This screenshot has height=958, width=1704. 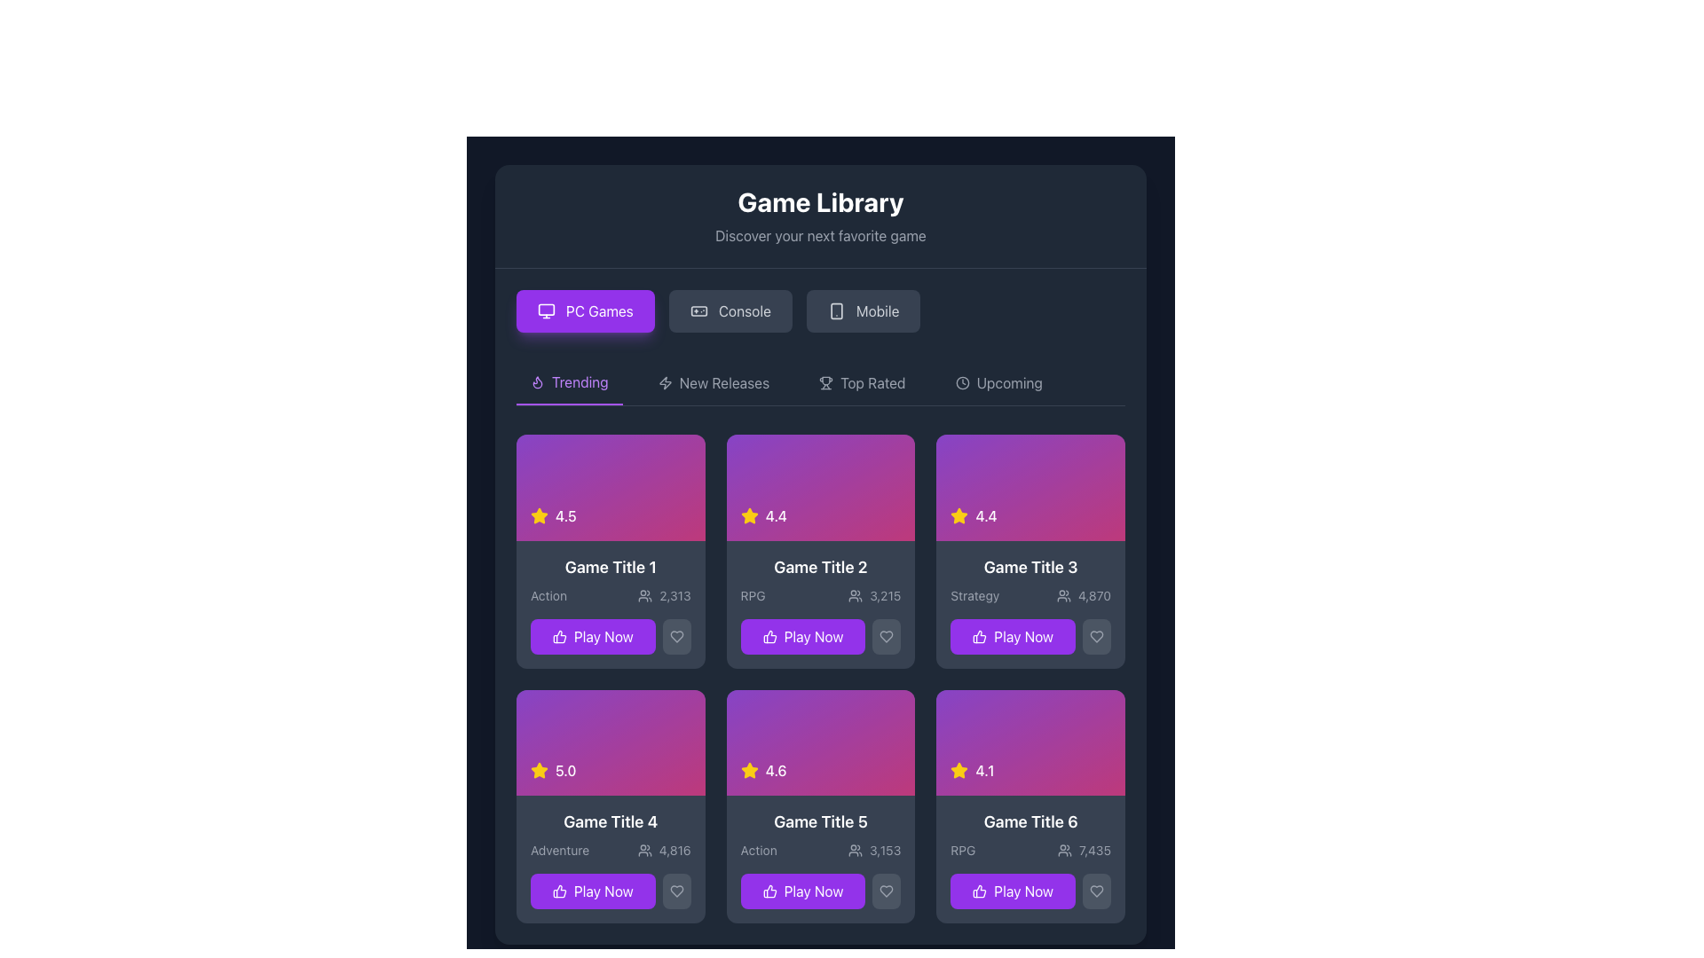 I want to click on title or description of the game displayed on the second card from the left in the top row of the game library section, so click(x=820, y=603).